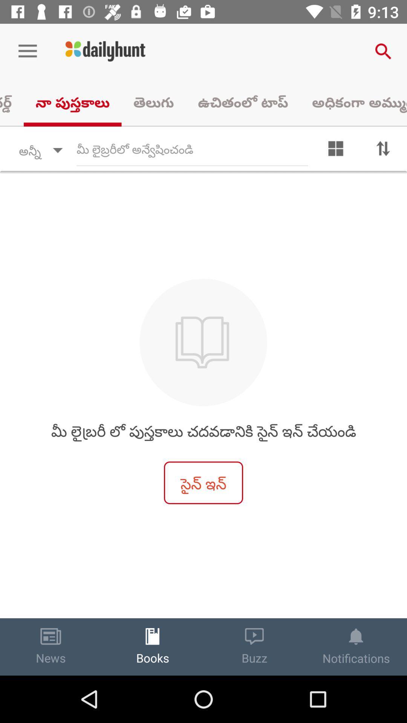  I want to click on type the text, so click(192, 150).